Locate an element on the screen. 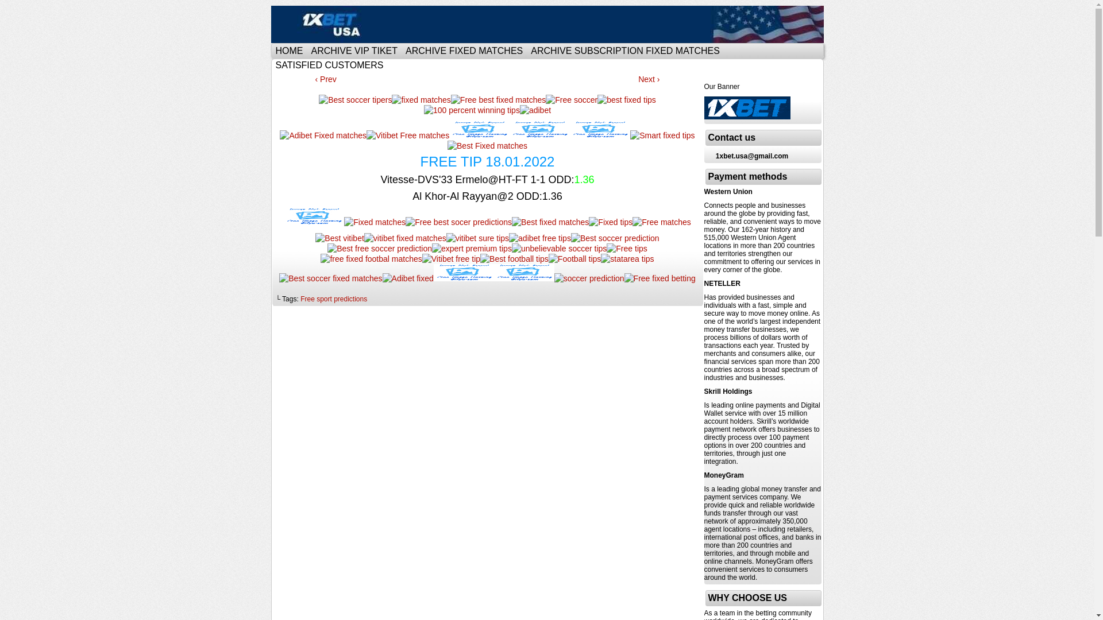 This screenshot has height=620, width=1103. 'Best soccer fixed matches' is located at coordinates (330, 278).